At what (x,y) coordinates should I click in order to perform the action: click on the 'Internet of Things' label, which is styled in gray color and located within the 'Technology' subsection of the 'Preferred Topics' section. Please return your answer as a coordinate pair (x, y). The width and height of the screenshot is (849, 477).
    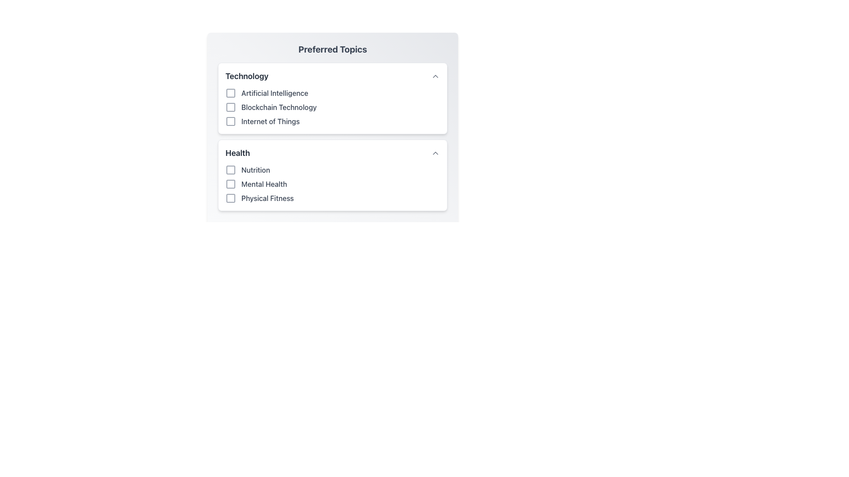
    Looking at the image, I should click on (270, 121).